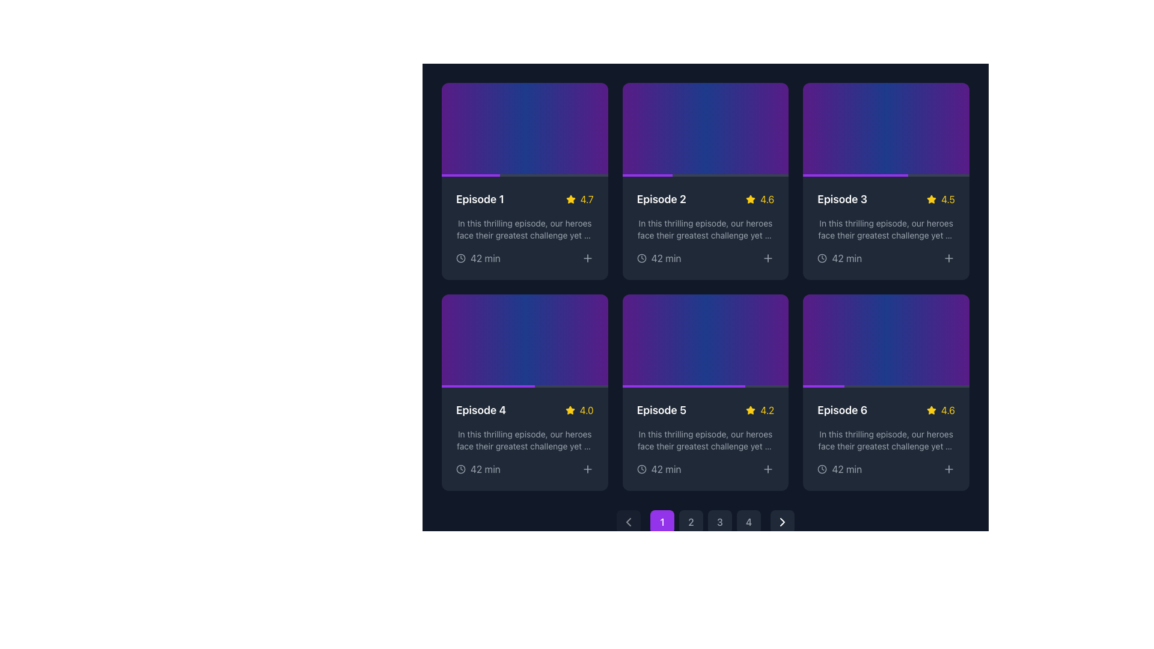 The image size is (1154, 649). I want to click on the text label displaying '42 min' in light gray font color, located adjacent to a clock icon under the 'Episode 3' card, so click(846, 257).